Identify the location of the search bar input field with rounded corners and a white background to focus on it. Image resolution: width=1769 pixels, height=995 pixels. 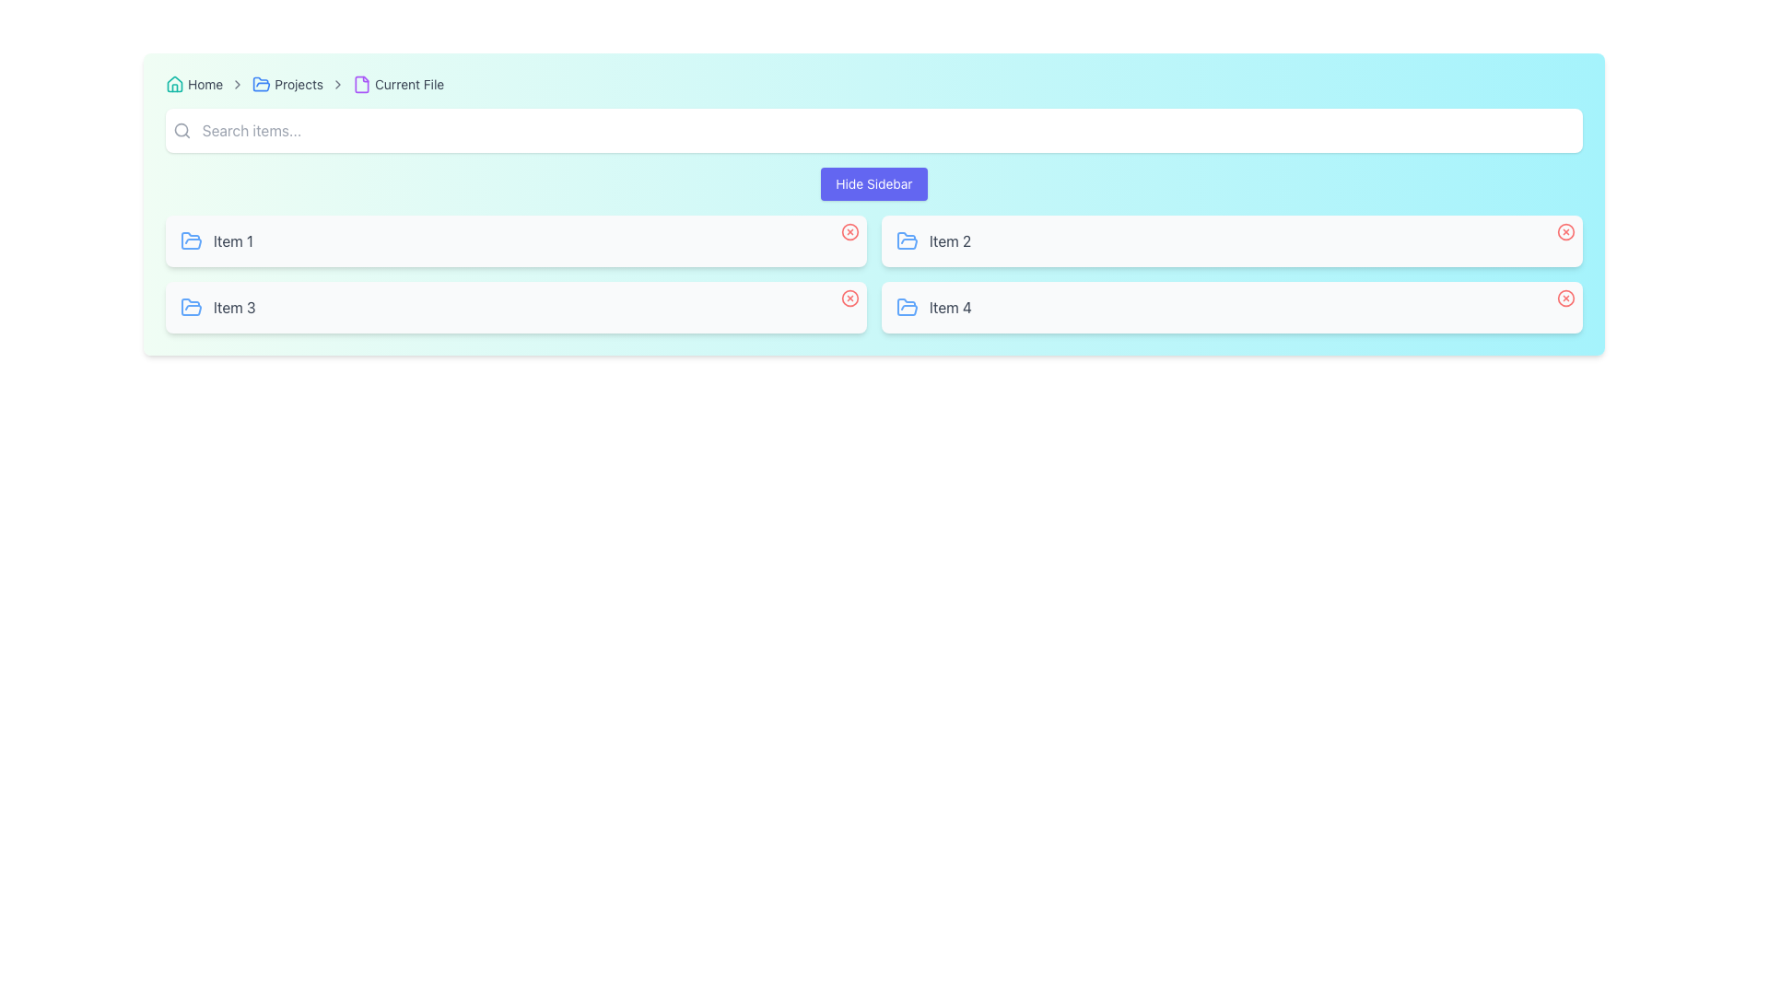
(873, 130).